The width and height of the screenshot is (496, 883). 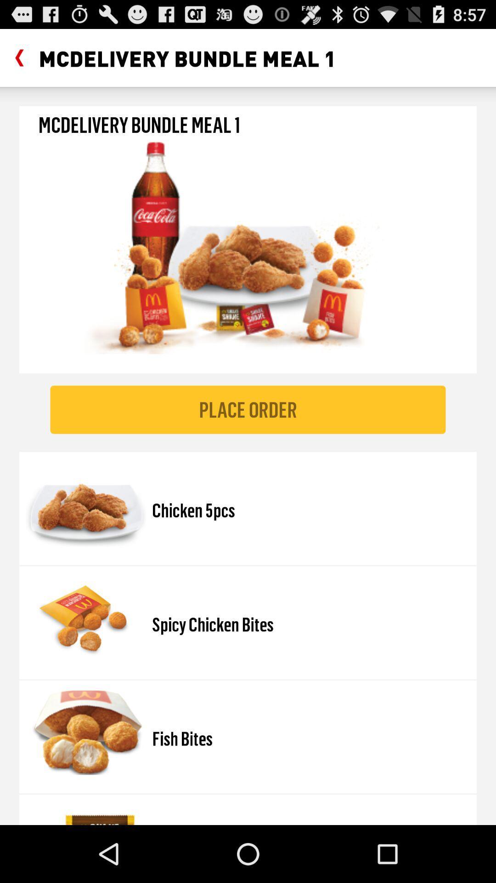 I want to click on image which is left side of chicken 5pcs, so click(x=85, y=504).